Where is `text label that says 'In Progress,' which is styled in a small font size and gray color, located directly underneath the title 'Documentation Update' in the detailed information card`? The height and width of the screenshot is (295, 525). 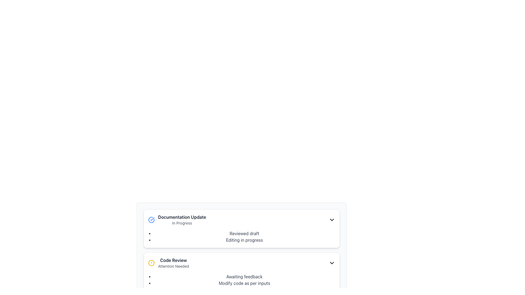
text label that says 'In Progress,' which is styled in a small font size and gray color, located directly underneath the title 'Documentation Update' in the detailed information card is located at coordinates (182, 223).